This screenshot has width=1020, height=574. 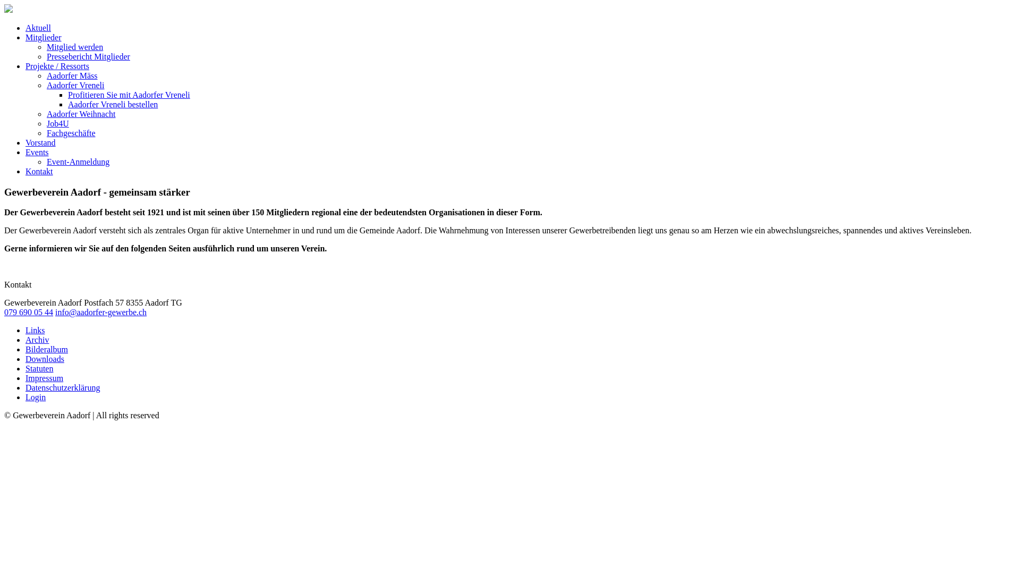 What do you see at coordinates (74, 46) in the screenshot?
I see `'Mitglied werden'` at bounding box center [74, 46].